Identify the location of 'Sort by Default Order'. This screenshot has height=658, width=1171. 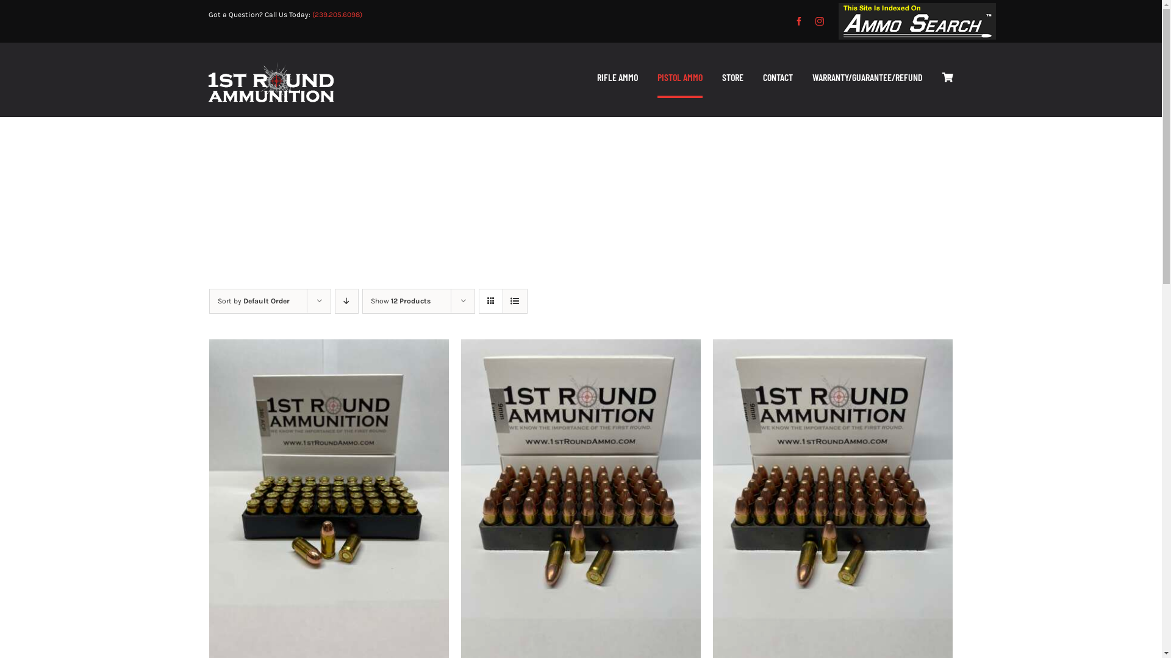
(252, 300).